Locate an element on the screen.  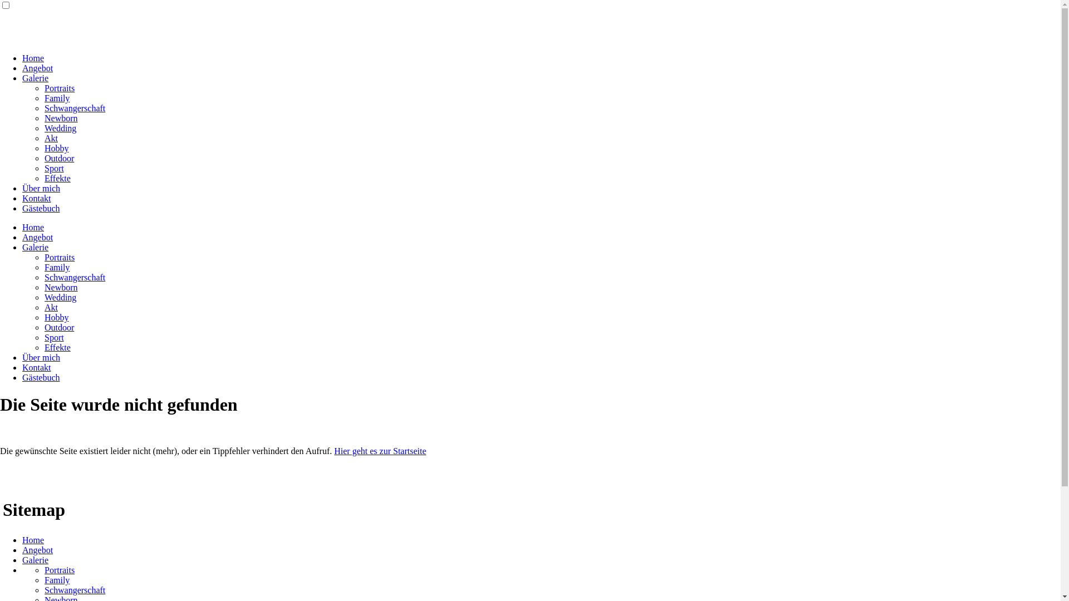
'Akt' is located at coordinates (45, 307).